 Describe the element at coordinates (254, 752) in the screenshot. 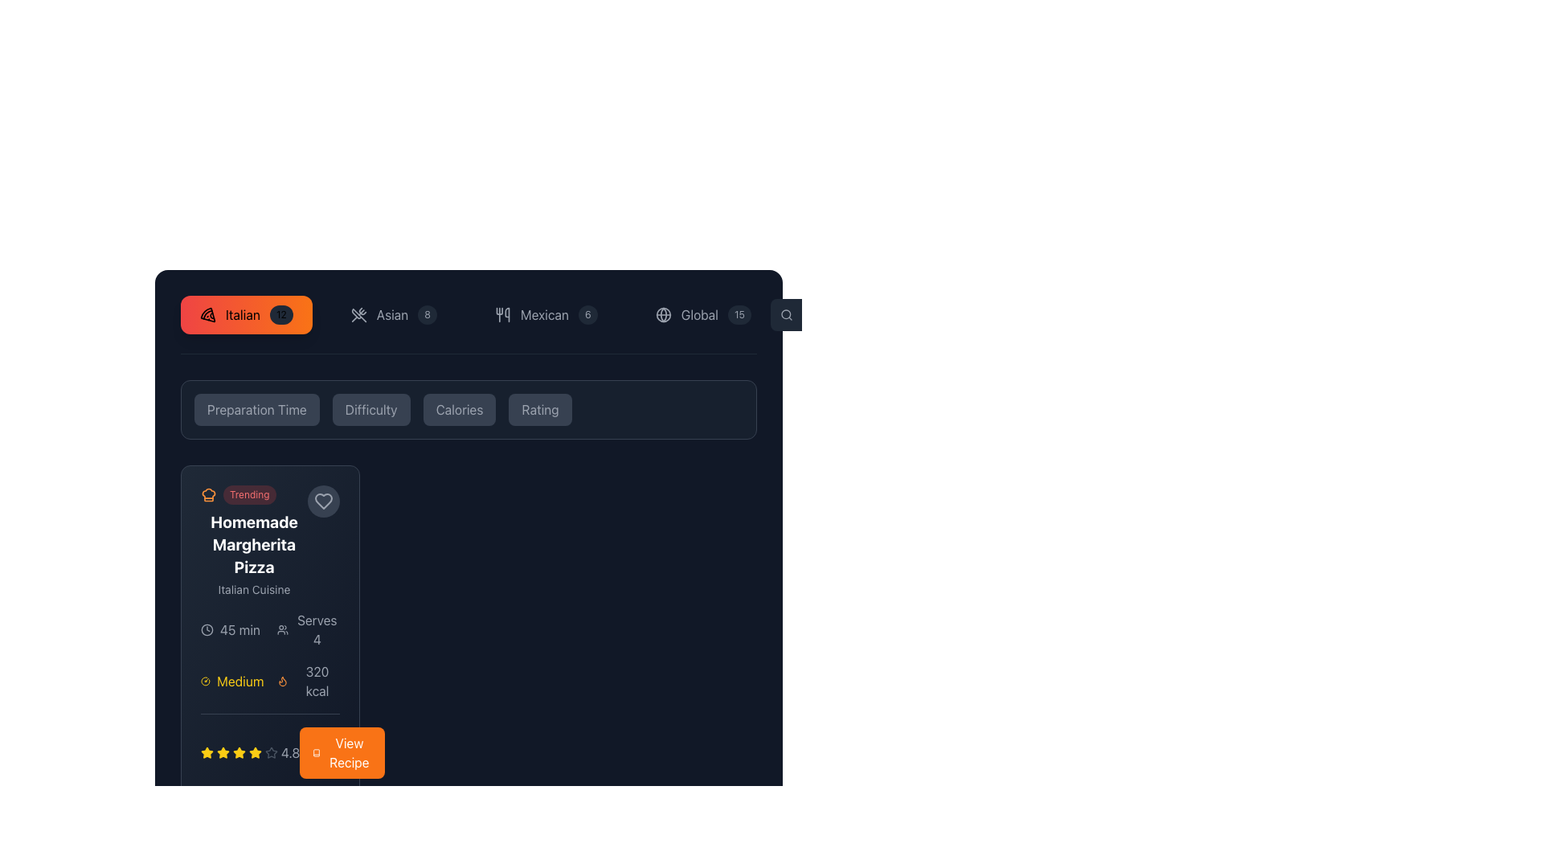

I see `the second star icon in the rating widget` at that location.